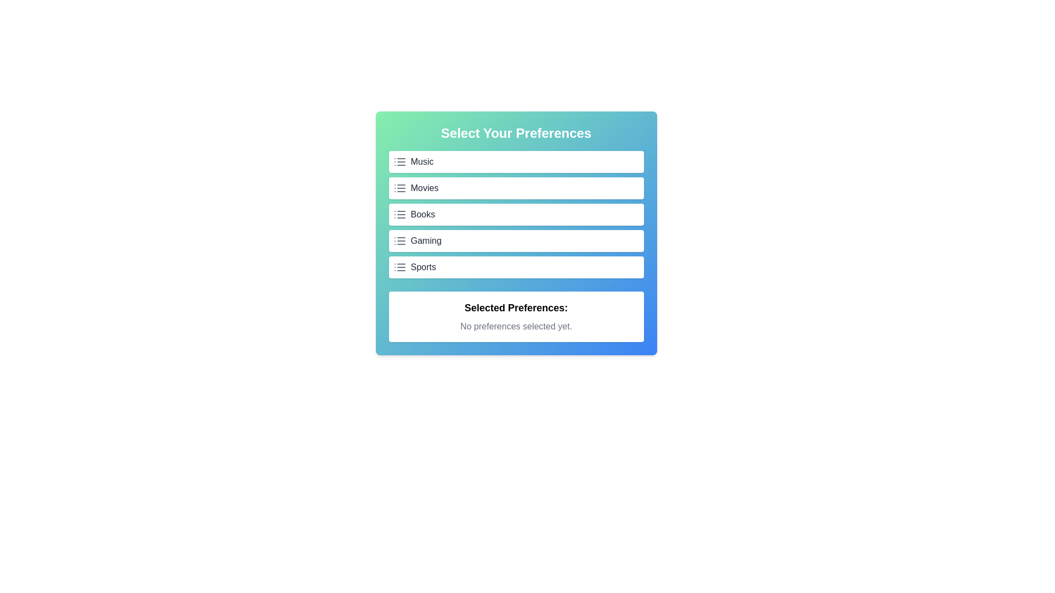  What do you see at coordinates (515, 188) in the screenshot?
I see `the 'Movies' selectable option located in the vertical list of preferences, positioned between 'Music' and 'Books'` at bounding box center [515, 188].